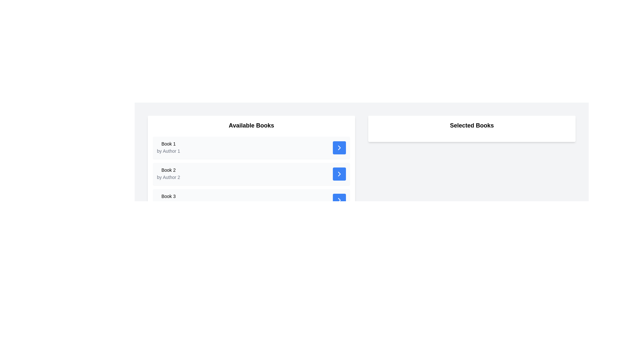  I want to click on the rightward-facing chevron icon with a white stroke on a blue background, located at the center of the third button in the 'Available Books' section, specifically for 'Book 3 by Author 3', so click(339, 148).